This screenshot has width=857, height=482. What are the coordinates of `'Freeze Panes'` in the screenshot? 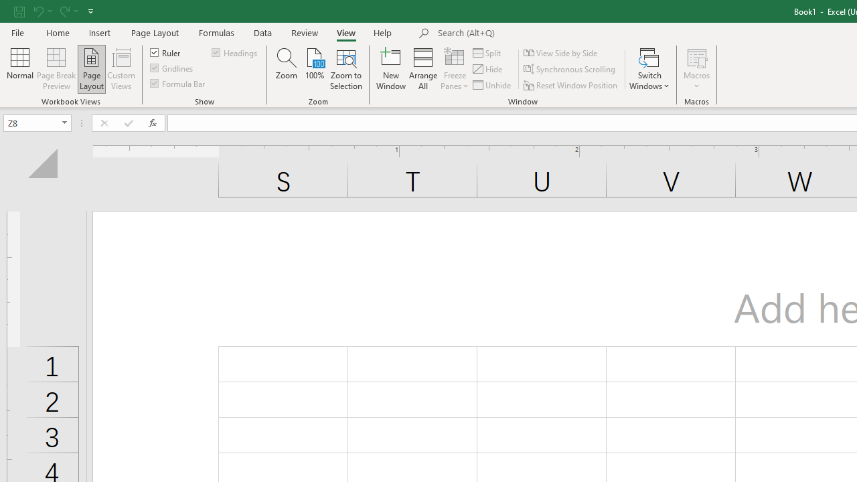 It's located at (455, 69).